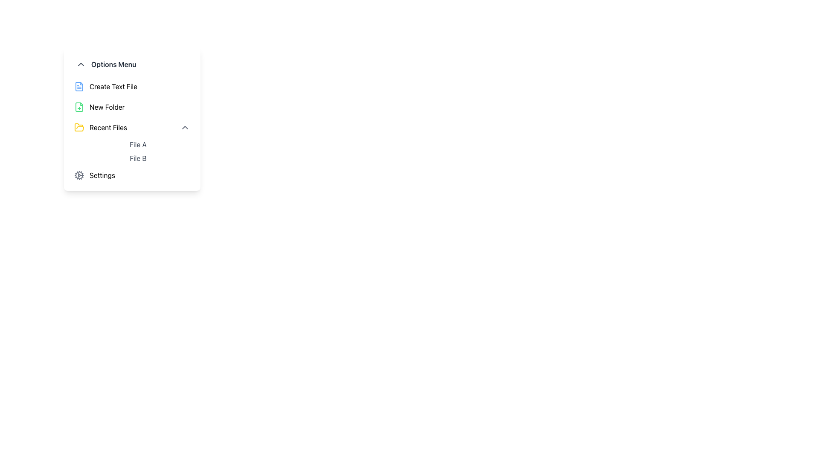  What do you see at coordinates (79, 87) in the screenshot?
I see `the 'Create Text File' icon, which is visually represented and positioned above the 'New Folder' and below the 'Options Menu' heading` at bounding box center [79, 87].